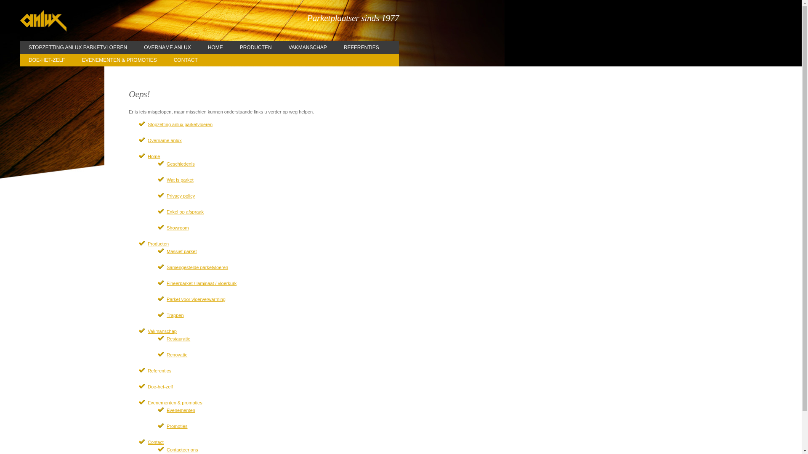 The width and height of the screenshot is (808, 454). What do you see at coordinates (178, 338) in the screenshot?
I see `'Restauratie'` at bounding box center [178, 338].